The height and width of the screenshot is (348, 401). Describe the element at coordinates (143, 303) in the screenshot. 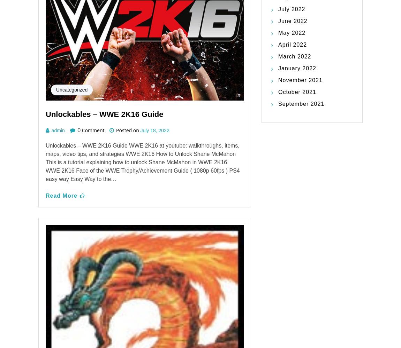

I see `'3'` at that location.